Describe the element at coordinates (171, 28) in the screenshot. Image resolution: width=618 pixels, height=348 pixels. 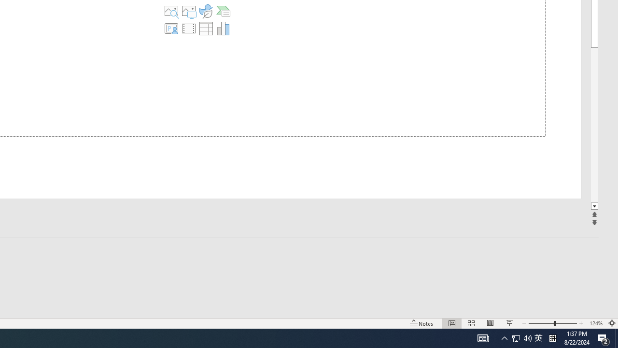
I see `'Insert Cameo'` at that location.